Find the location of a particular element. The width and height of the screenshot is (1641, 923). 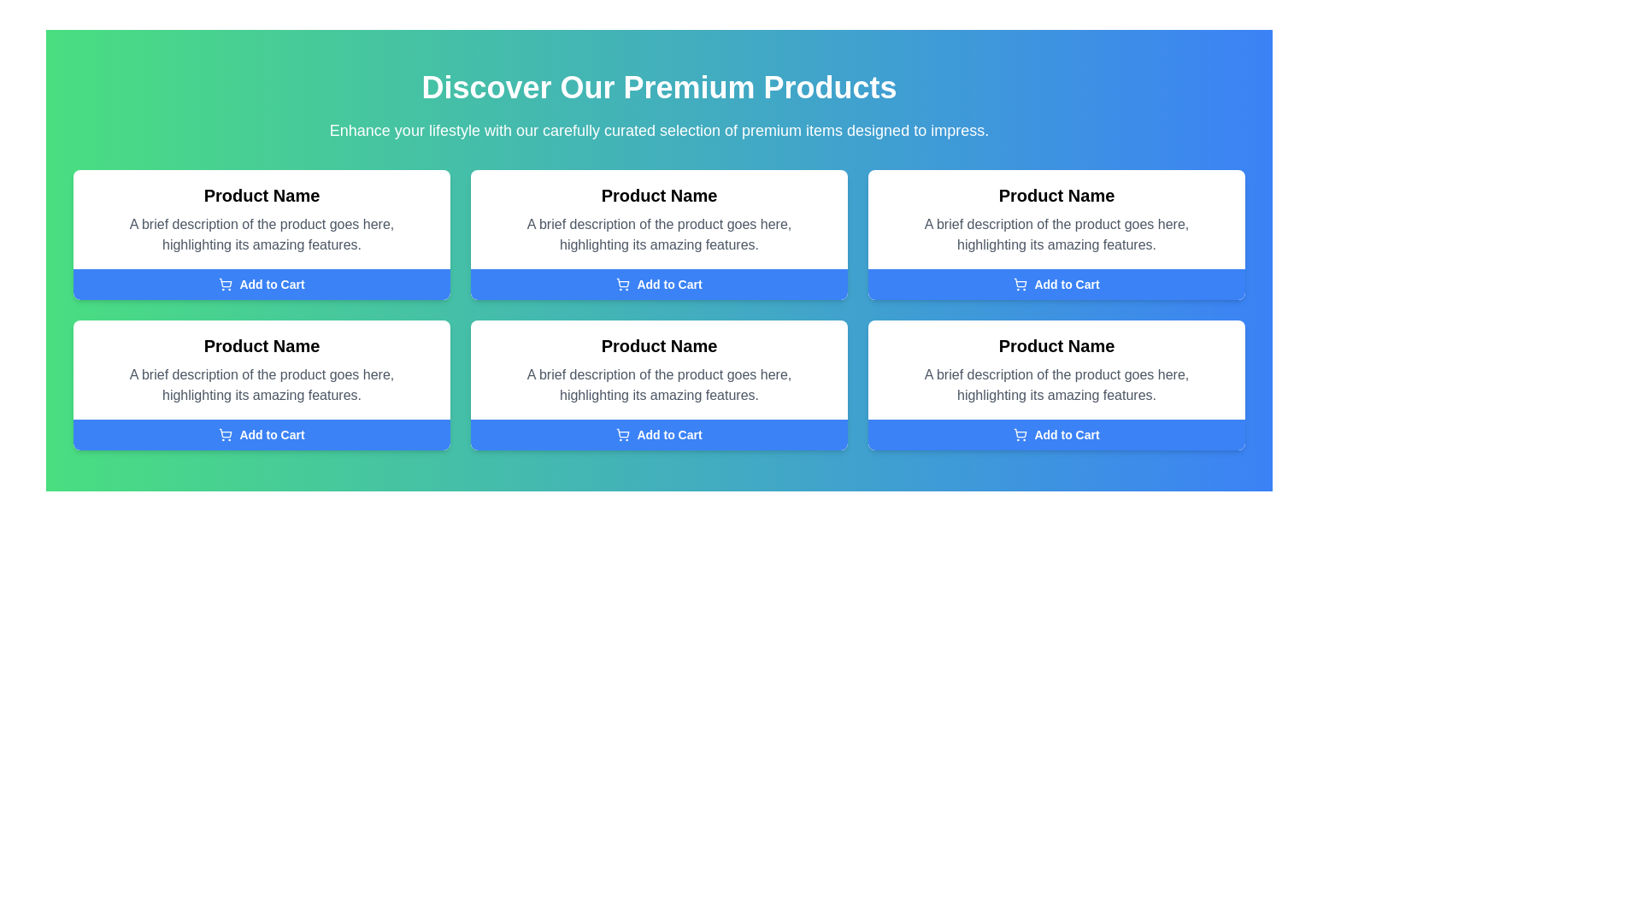

Text Label that serves as the title of the product, prominently displaying the product's name, located in the top-left product card of a grid is located at coordinates (261, 194).